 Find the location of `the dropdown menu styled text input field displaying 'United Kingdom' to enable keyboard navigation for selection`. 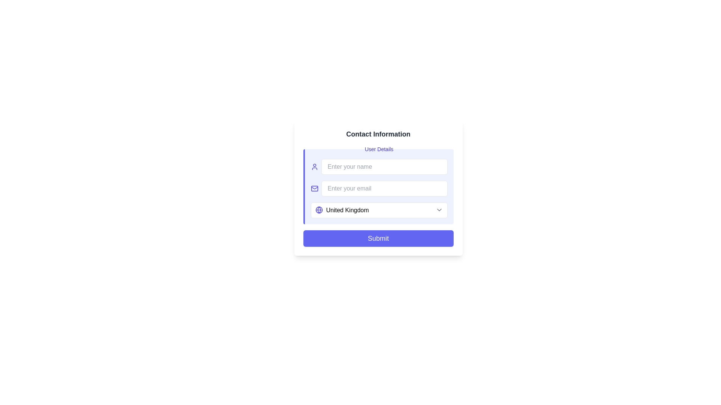

the dropdown menu styled text input field displaying 'United Kingdom' to enable keyboard navigation for selection is located at coordinates (379, 210).